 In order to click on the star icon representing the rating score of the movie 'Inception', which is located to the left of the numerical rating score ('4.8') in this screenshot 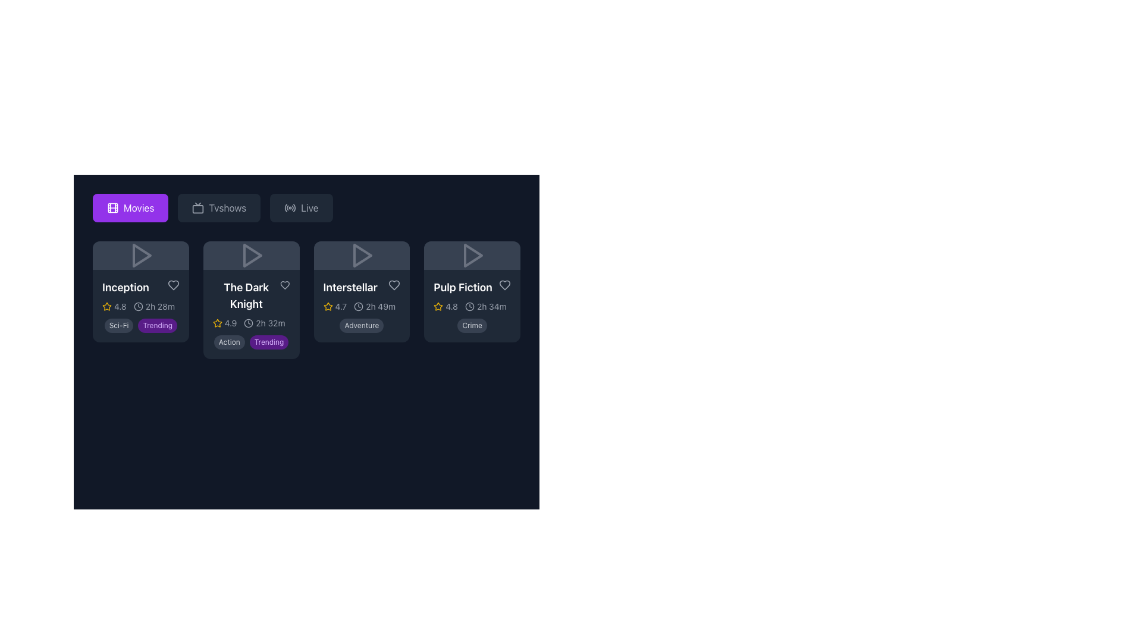, I will do `click(107, 306)`.